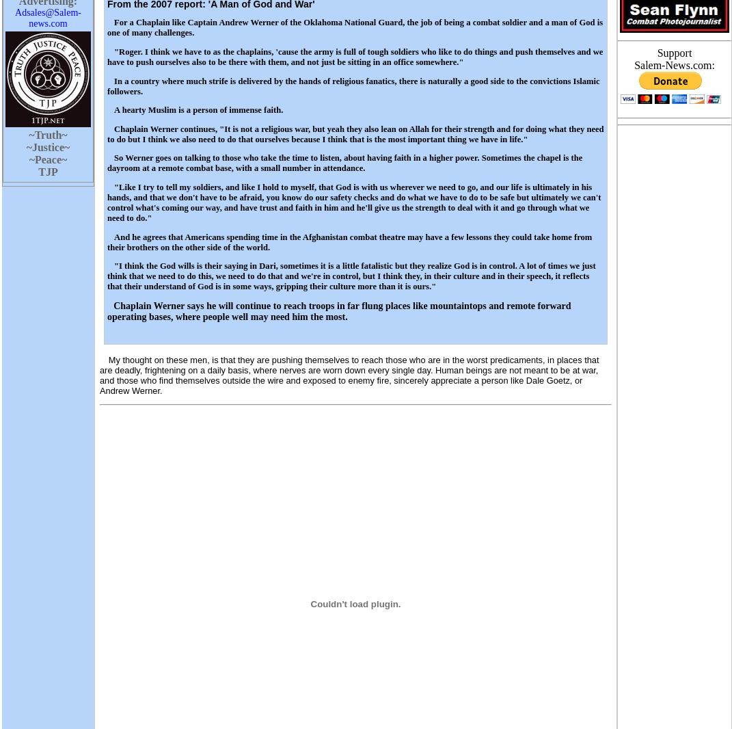 Image resolution: width=732 pixels, height=729 pixels. I want to click on 'So Werner goes on talking to those who take the time to listen, about having faith in a higher power. Sometimes the chapel is the dayroom at a remote combat base, with a small number in attendance.', so click(107, 162).